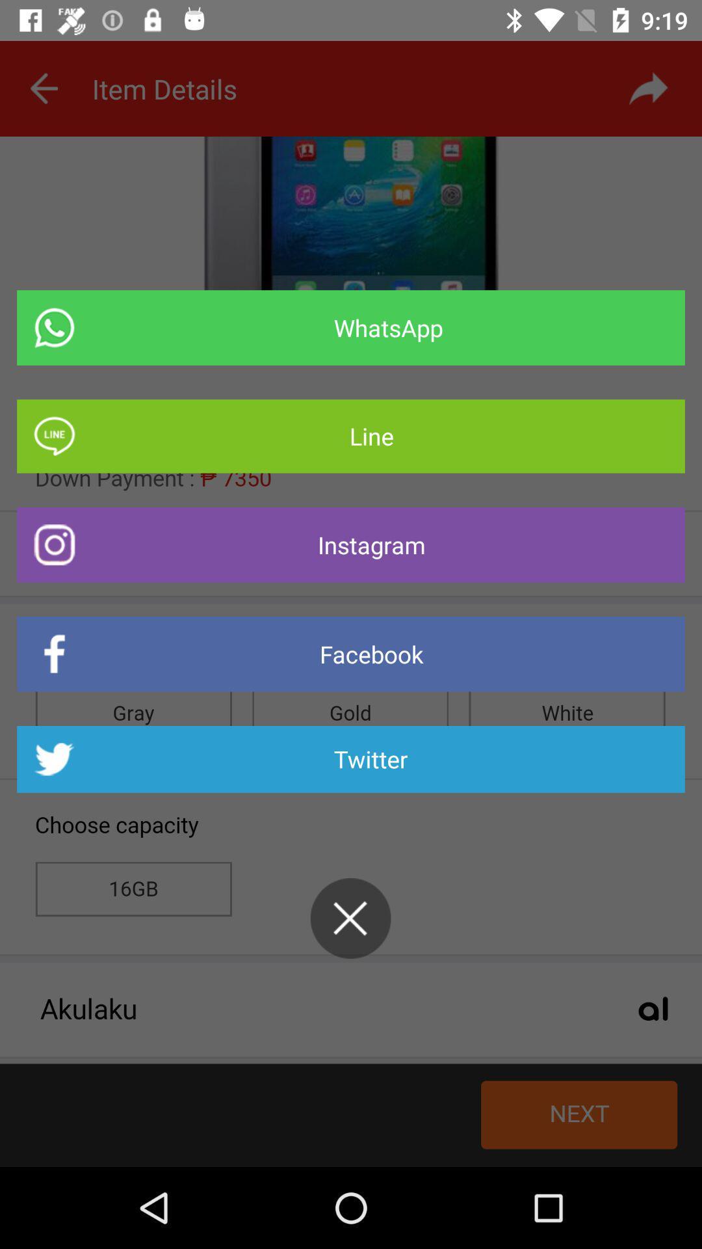 This screenshot has width=702, height=1249. What do you see at coordinates (351, 654) in the screenshot?
I see `the icon above twitter` at bounding box center [351, 654].